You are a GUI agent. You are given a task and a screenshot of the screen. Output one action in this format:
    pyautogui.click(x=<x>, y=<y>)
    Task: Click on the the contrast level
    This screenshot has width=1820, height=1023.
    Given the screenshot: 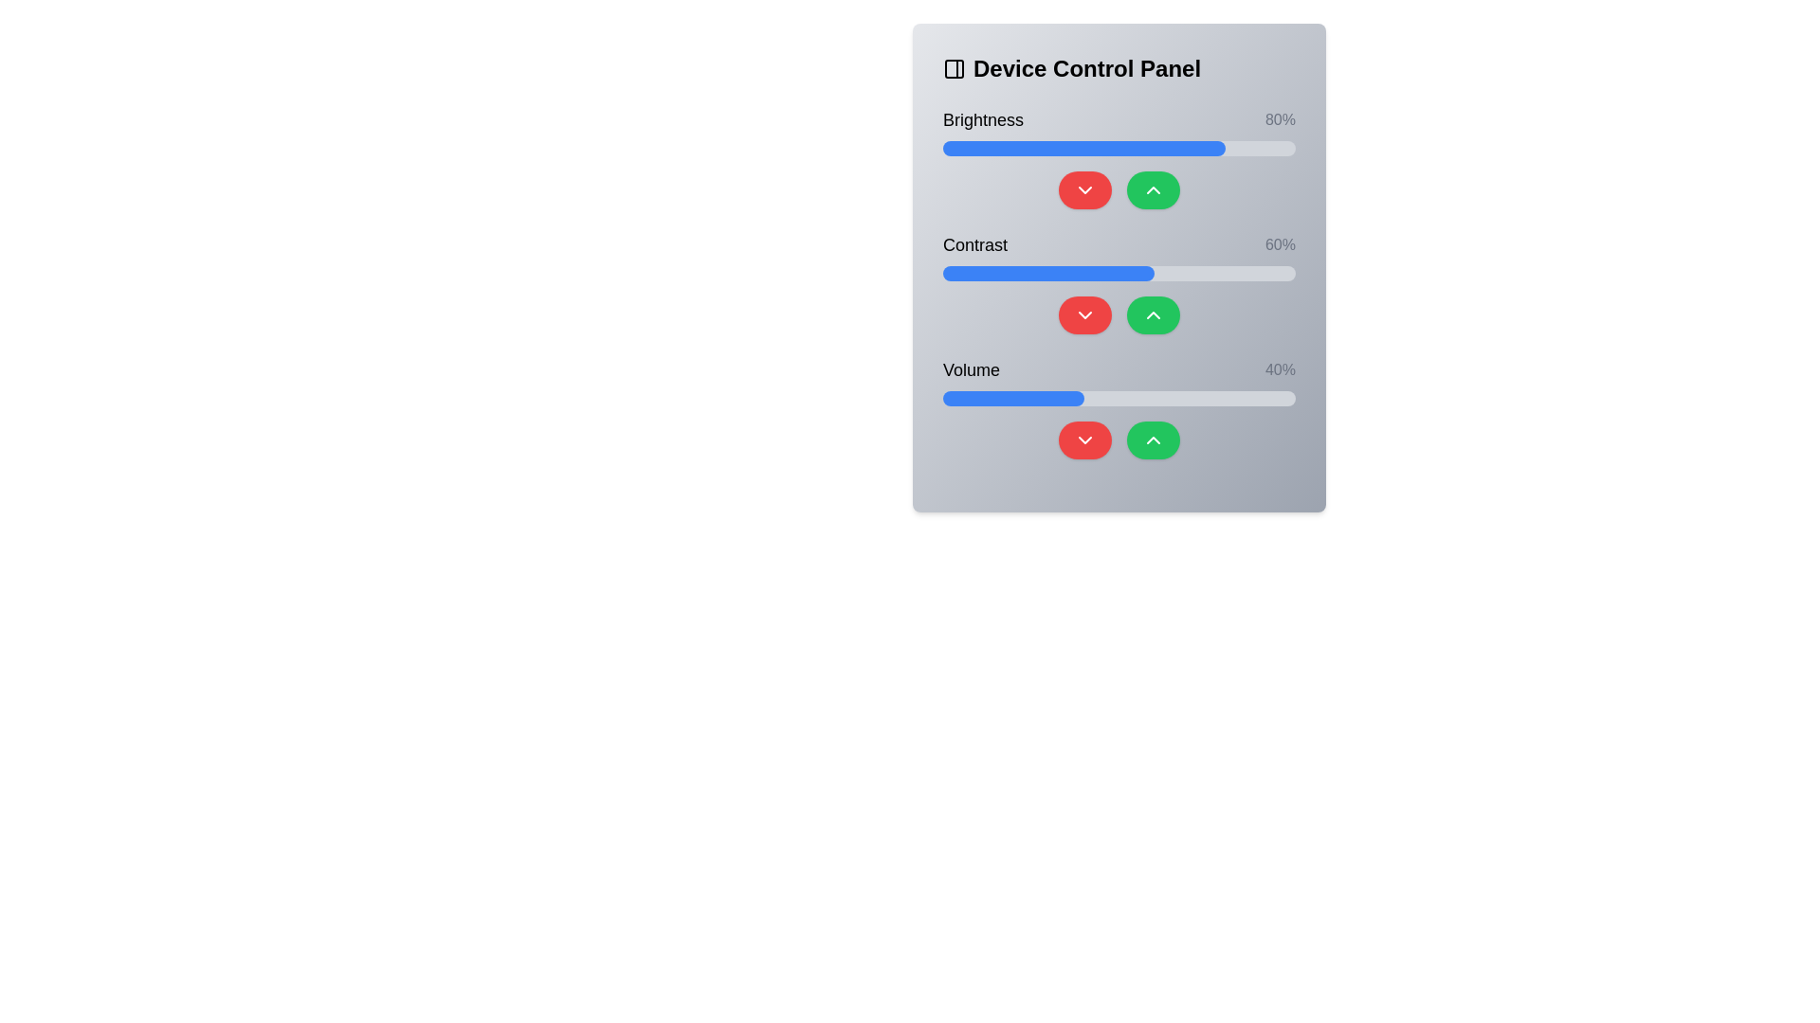 What is the action you would take?
    pyautogui.click(x=1083, y=274)
    